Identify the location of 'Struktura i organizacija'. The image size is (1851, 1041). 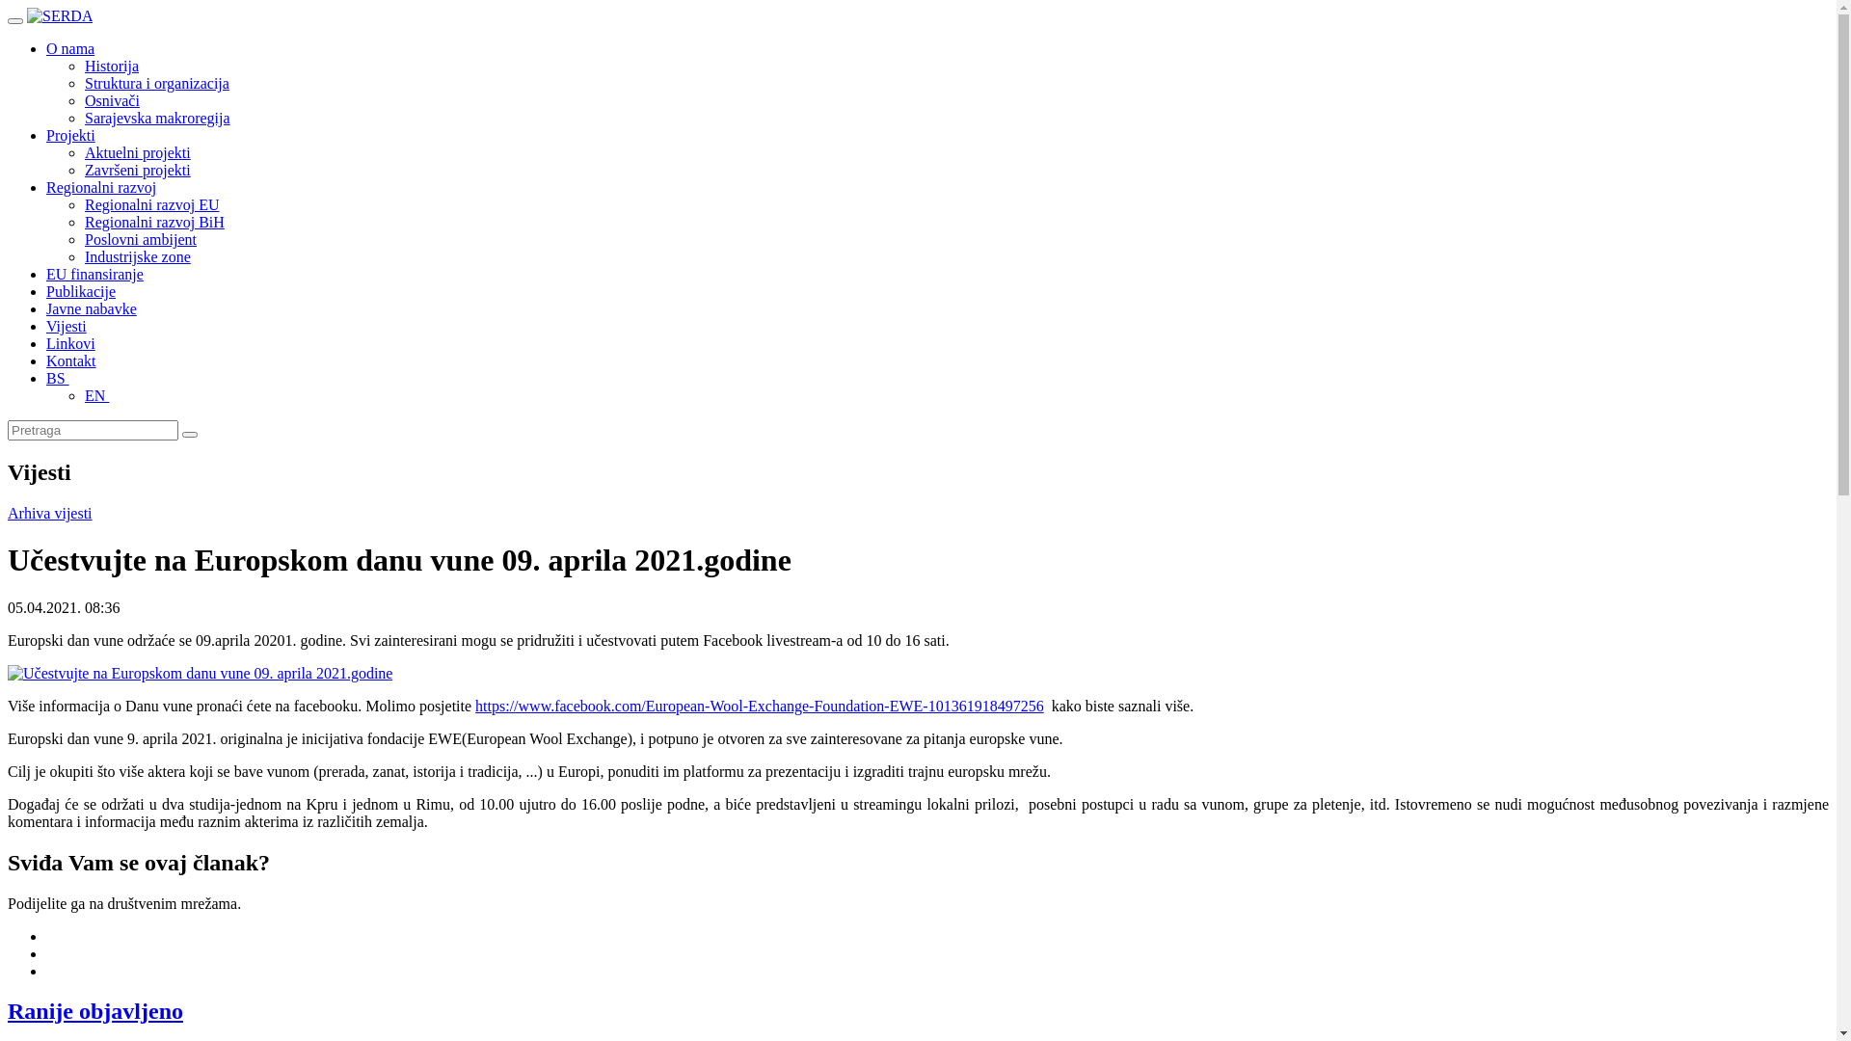
(157, 82).